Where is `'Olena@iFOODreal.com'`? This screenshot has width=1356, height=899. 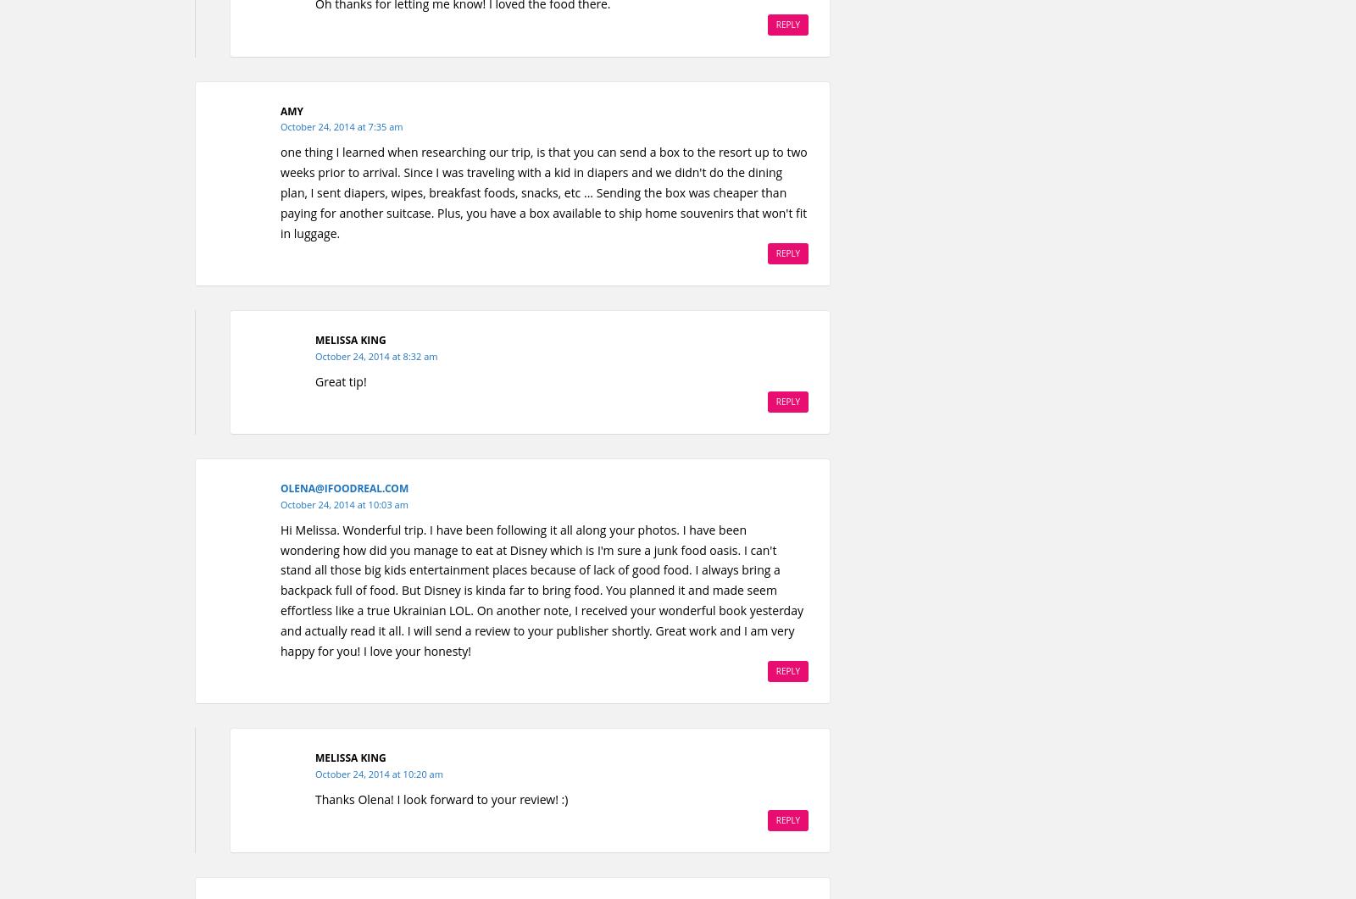 'Olena@iFOODreal.com' is located at coordinates (343, 487).